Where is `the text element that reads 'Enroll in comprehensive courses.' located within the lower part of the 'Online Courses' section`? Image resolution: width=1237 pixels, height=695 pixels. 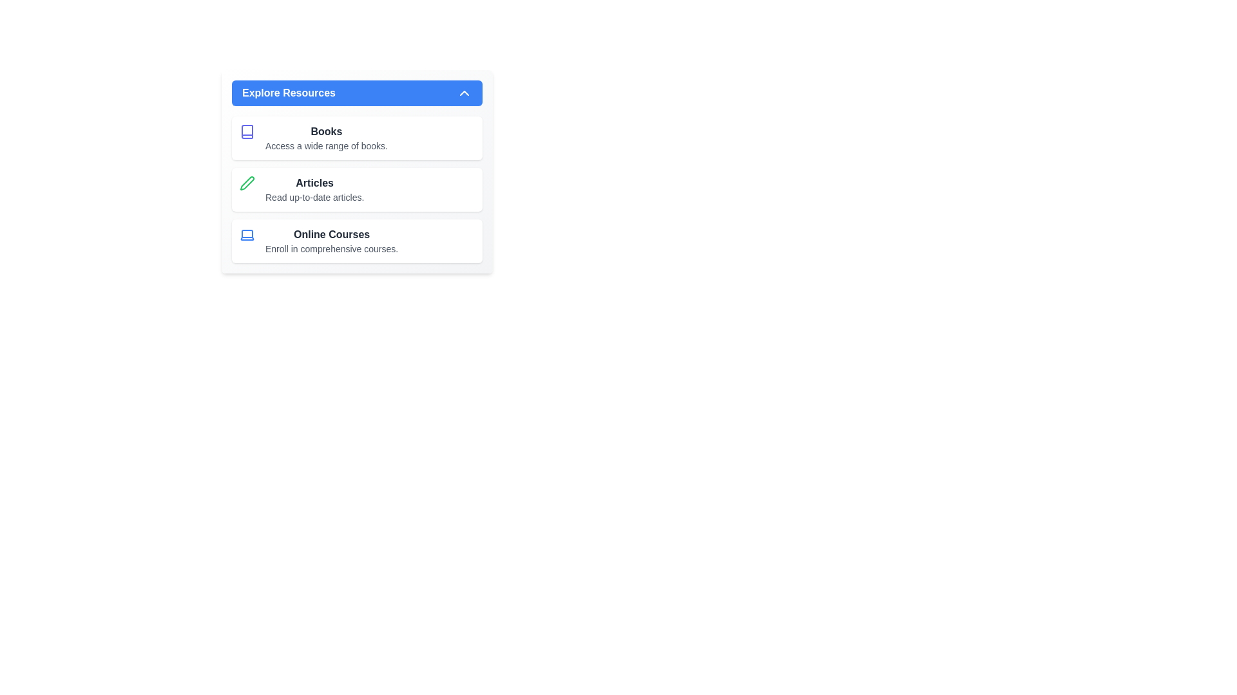
the text element that reads 'Enroll in comprehensive courses.' located within the lower part of the 'Online Courses' section is located at coordinates (332, 248).